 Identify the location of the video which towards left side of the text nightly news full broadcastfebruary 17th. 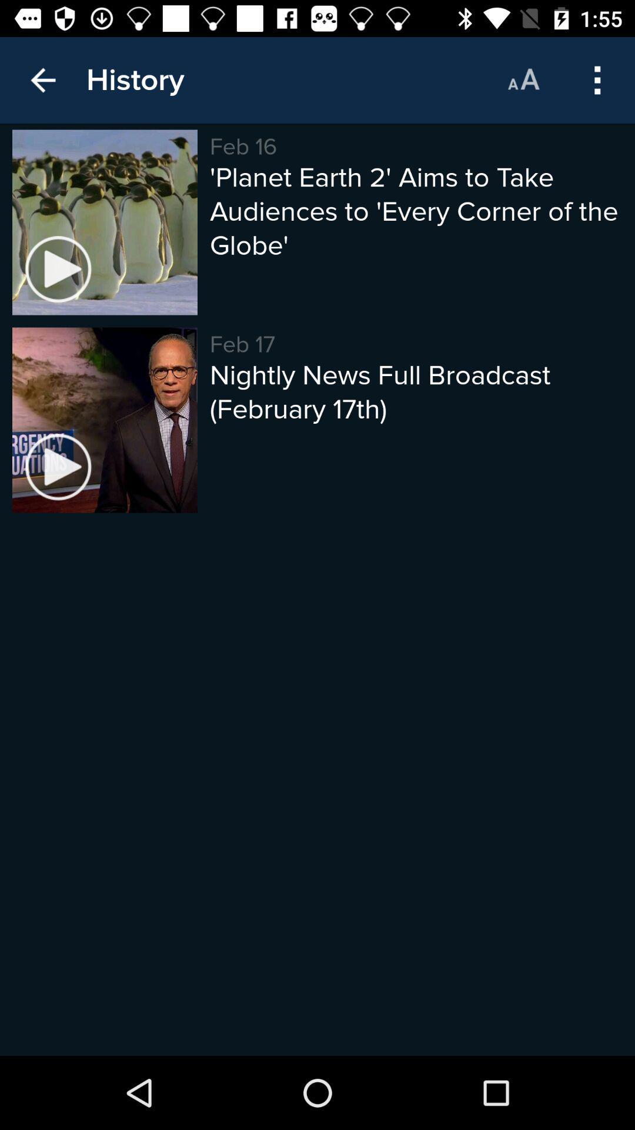
(104, 420).